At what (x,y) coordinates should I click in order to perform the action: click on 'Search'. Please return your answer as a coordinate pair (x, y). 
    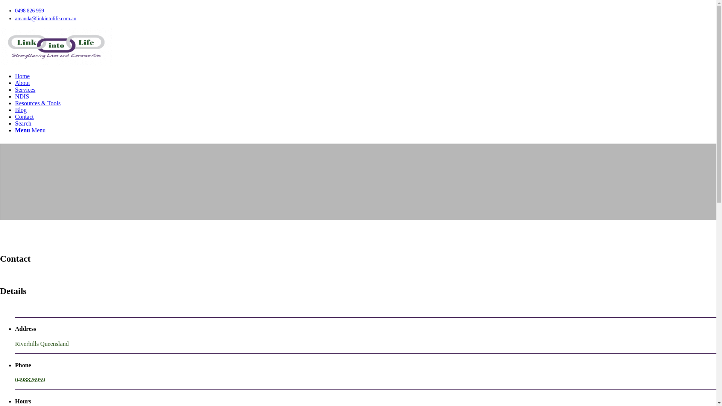
    Looking at the image, I should click on (23, 123).